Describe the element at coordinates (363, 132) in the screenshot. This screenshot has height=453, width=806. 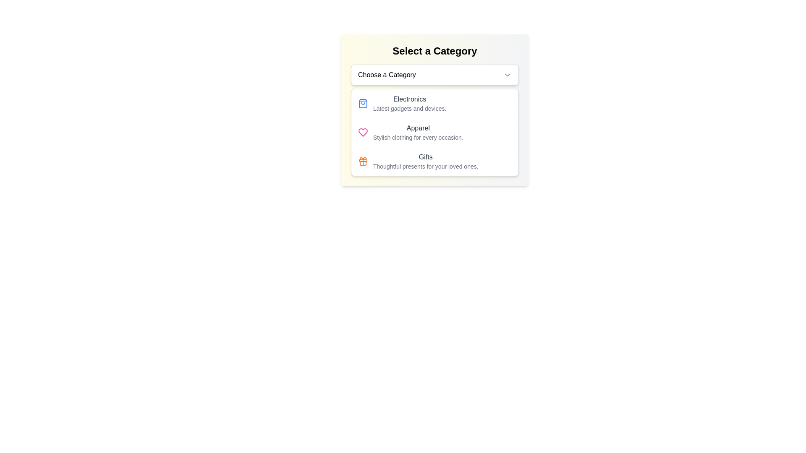
I see `the heart icon with a pink stroke color located in the 'Apparel' category row, positioned to the left of the text label` at that location.